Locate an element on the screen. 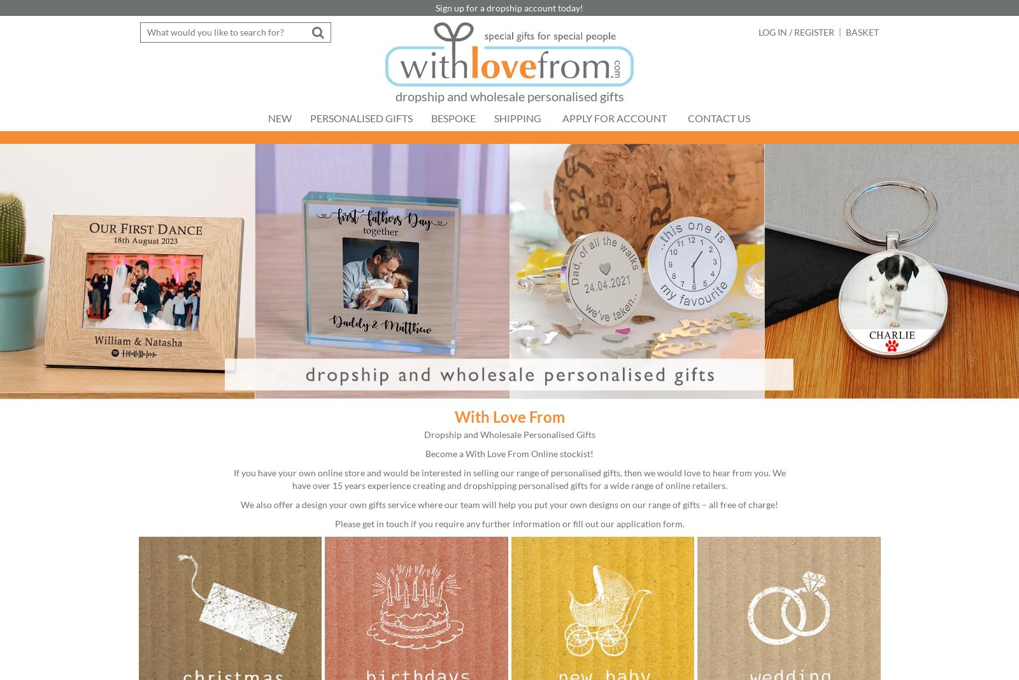 This screenshot has height=680, width=1019. 'Shipping' is located at coordinates (517, 118).